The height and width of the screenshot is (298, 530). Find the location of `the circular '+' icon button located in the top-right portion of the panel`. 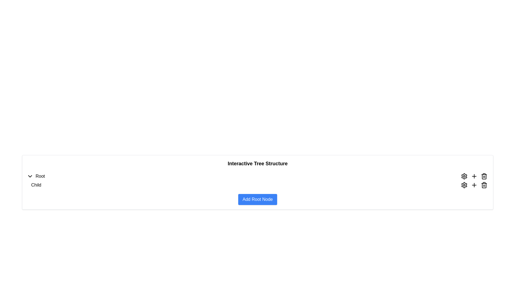

the circular '+' icon button located in the top-right portion of the panel is located at coordinates (474, 185).